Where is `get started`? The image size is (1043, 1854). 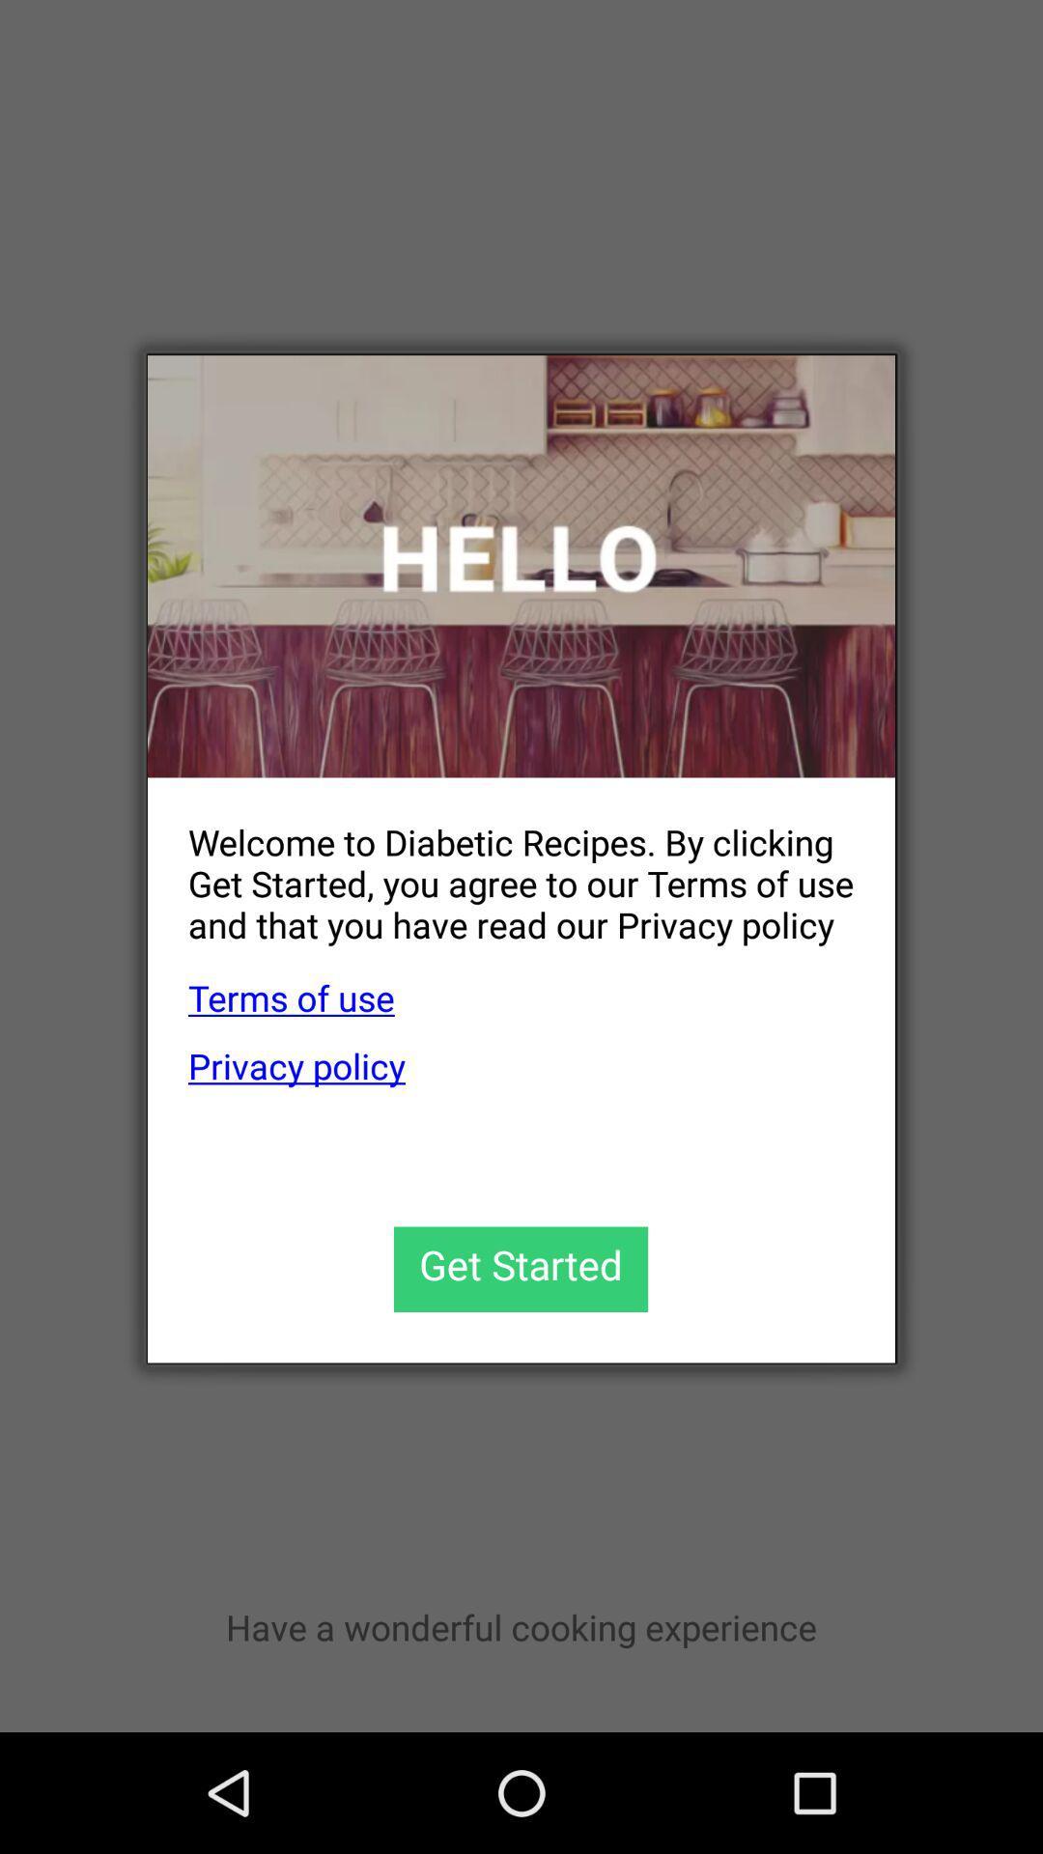 get started is located at coordinates (520, 1269).